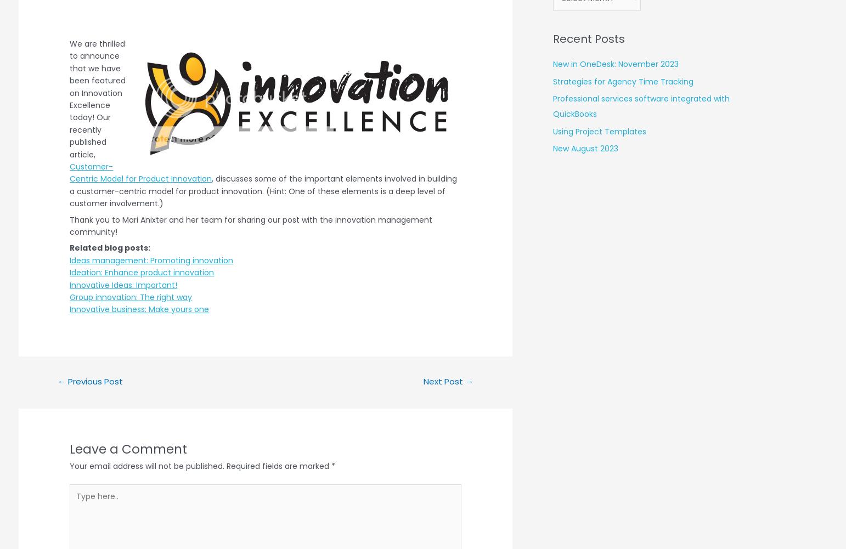  Describe the element at coordinates (130, 296) in the screenshot. I see `'Group innovation: The right way'` at that location.